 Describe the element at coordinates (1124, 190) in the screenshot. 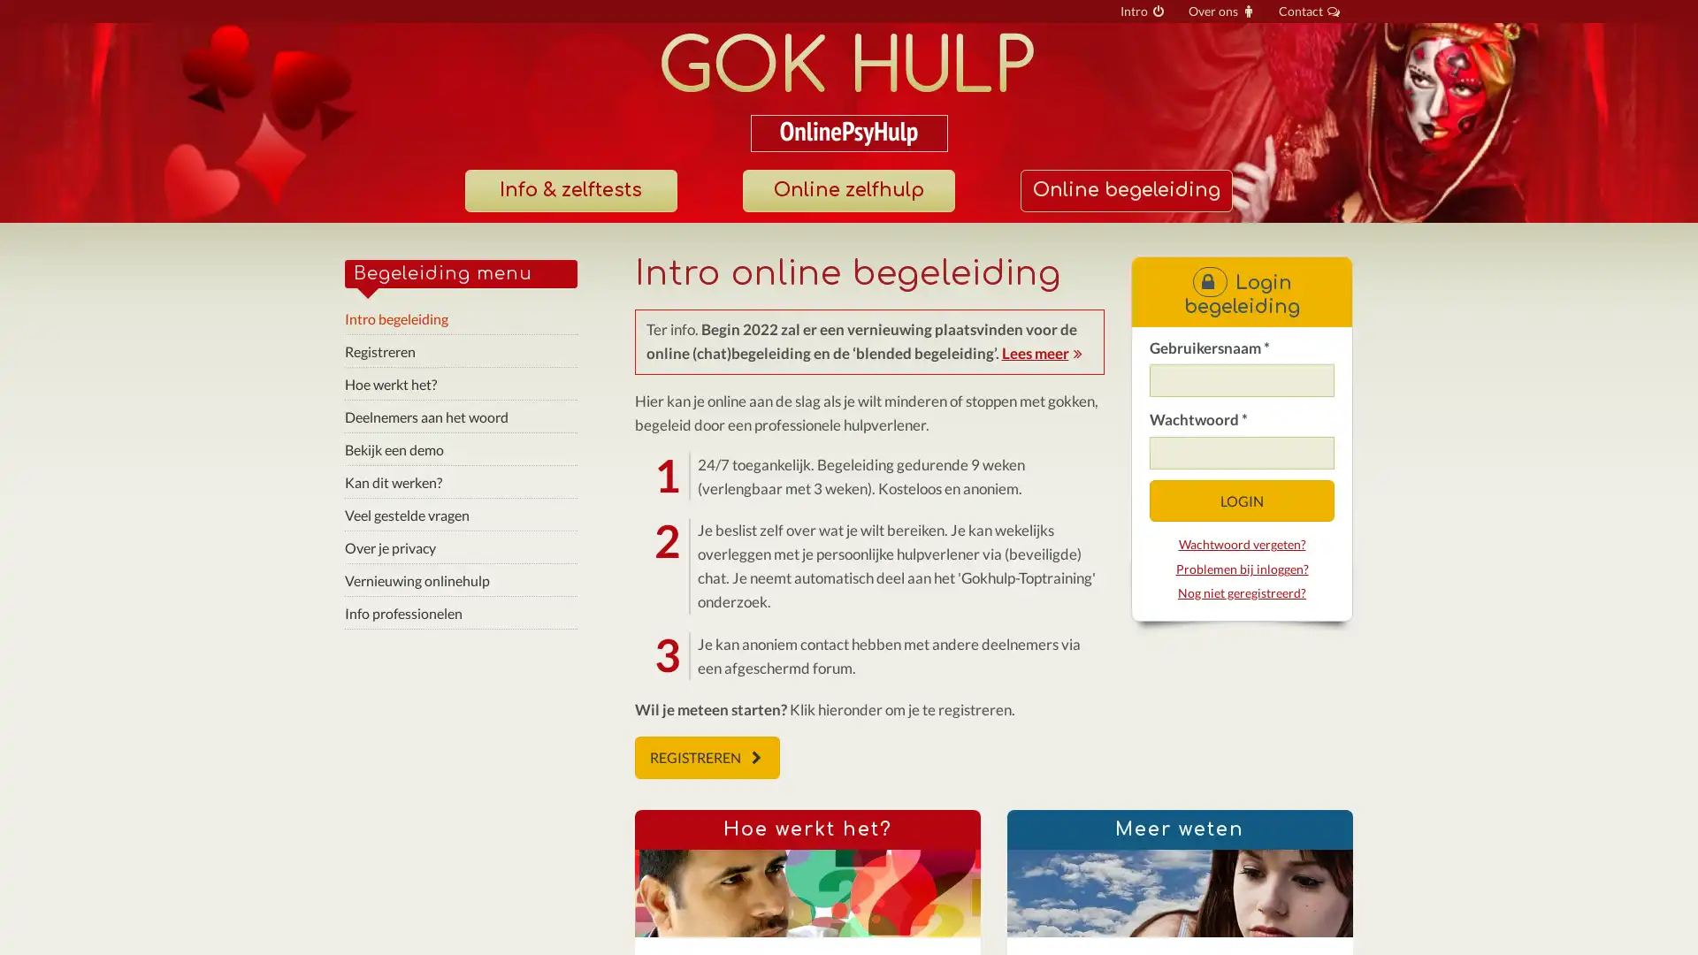

I see `Online begeleiding` at that location.